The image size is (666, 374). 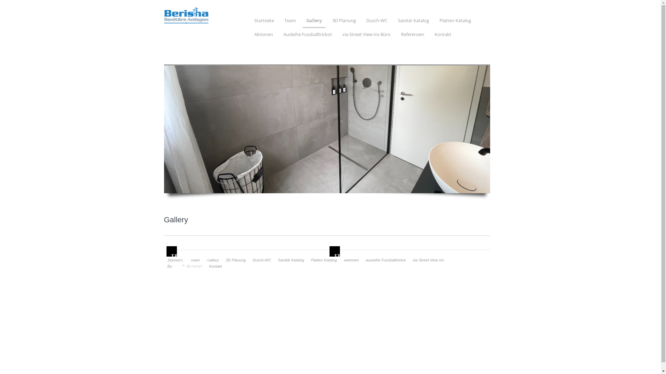 I want to click on 'Ausleihe Fussballtrickot', so click(x=365, y=260).